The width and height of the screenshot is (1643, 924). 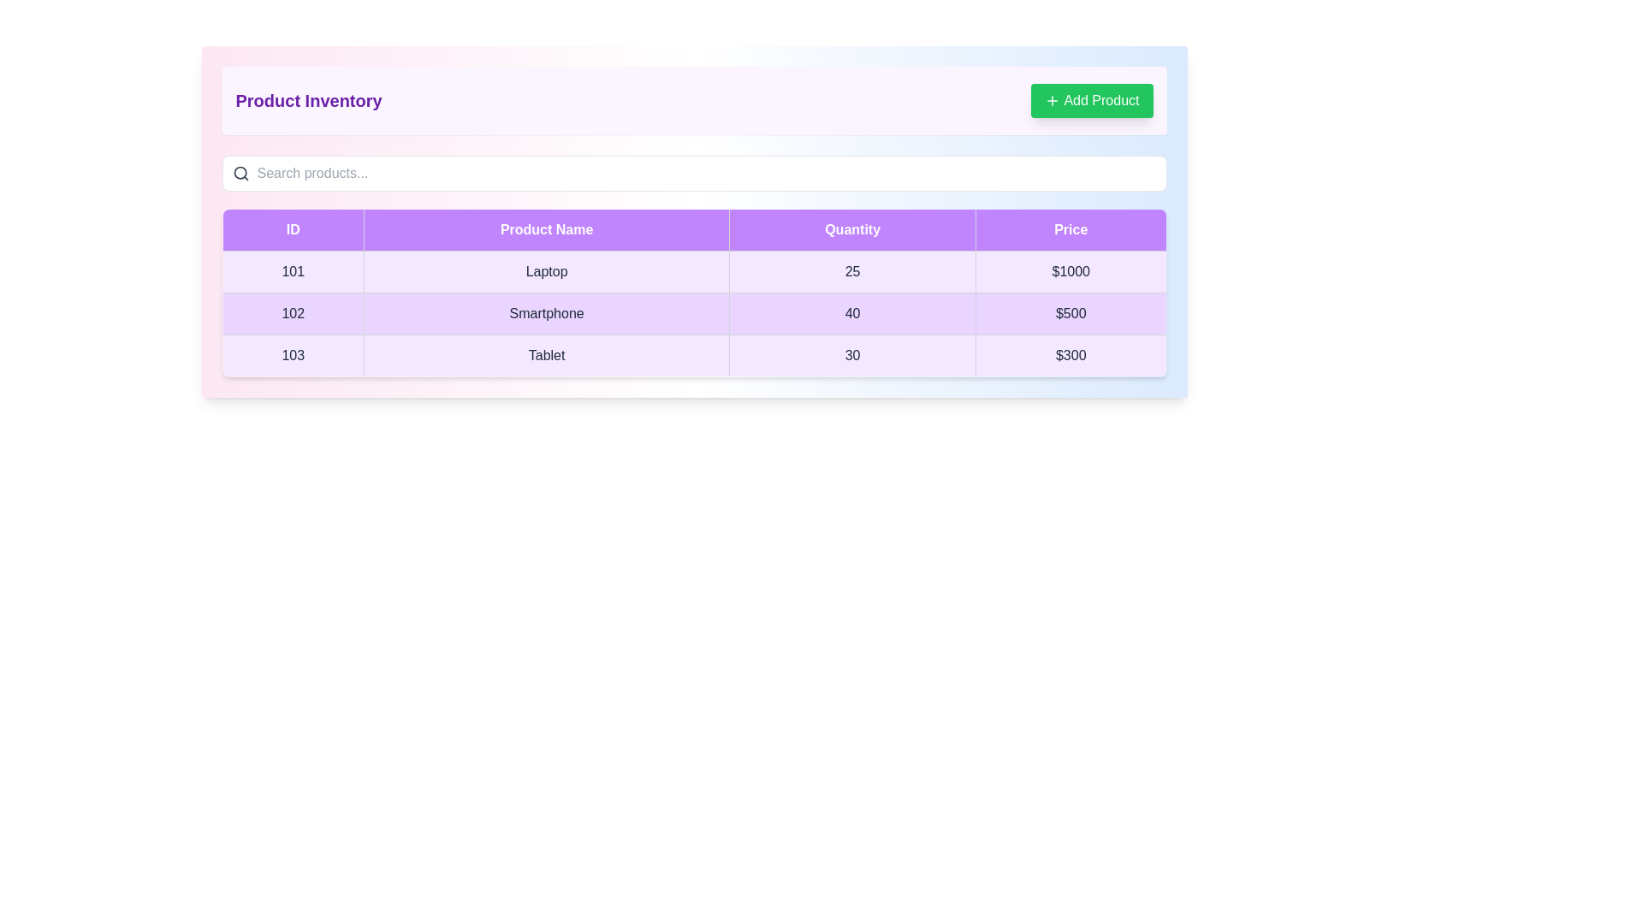 I want to click on the icon that symbolizes the addition of a new product, located inside the 'Add Product' button at the top-right corner of the interface, so click(x=1052, y=101).